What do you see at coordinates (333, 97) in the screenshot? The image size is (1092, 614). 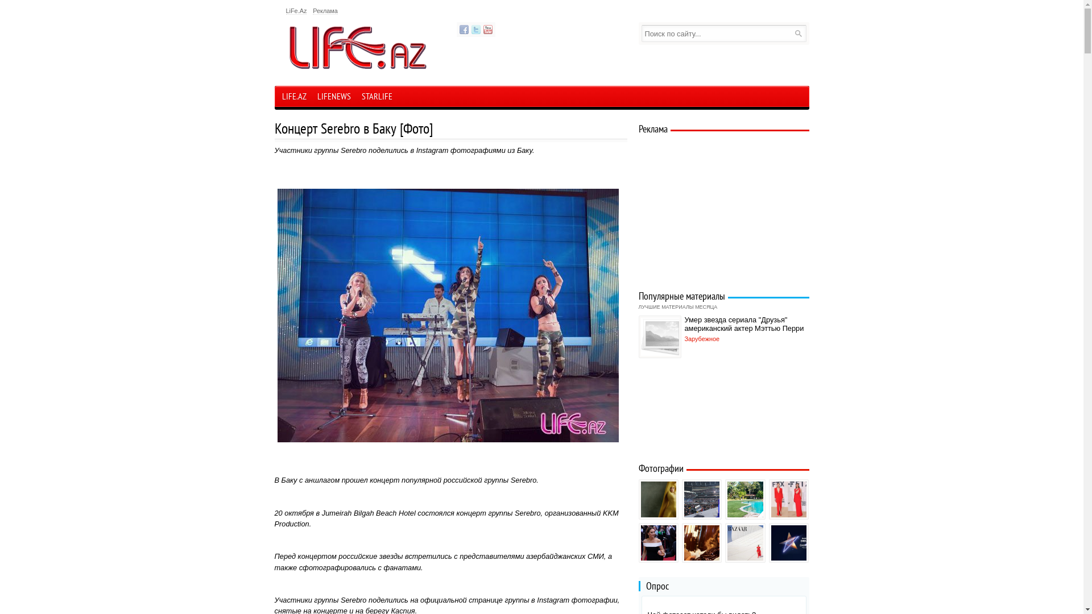 I see `'LIFENEWS'` at bounding box center [333, 97].